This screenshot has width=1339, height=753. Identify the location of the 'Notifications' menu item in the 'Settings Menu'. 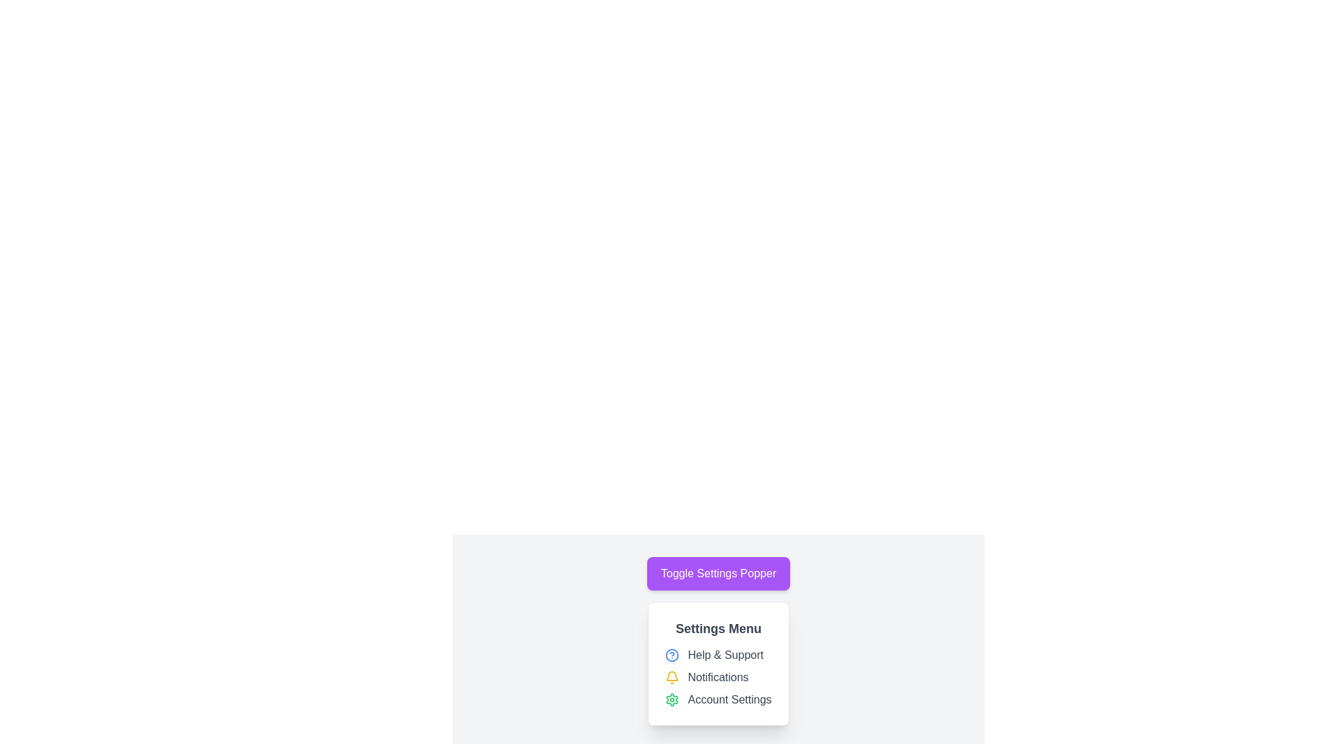
(718, 677).